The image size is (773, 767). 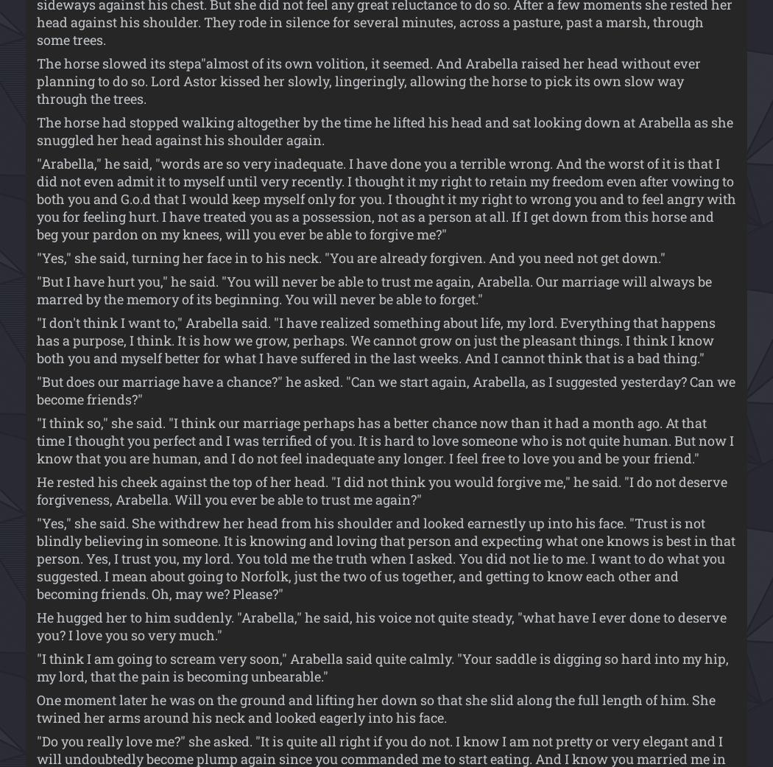 What do you see at coordinates (35, 558) in the screenshot?
I see `'"Yes," she said. She withdrew her head from his shoulder and looked earnestly up into his face. "Trust is not blindly believing in someone. It is knowing and loving that person and expecting what one knows is best in that person. Yes, I trust you, my lord. You told me the truth when I asked. You did not lie to me. I want to do what you suggested. I mean about going to Norfolk, just the two of us together, and getting to know each other and becoming friends. Oh, may we? Please?"'` at bounding box center [35, 558].